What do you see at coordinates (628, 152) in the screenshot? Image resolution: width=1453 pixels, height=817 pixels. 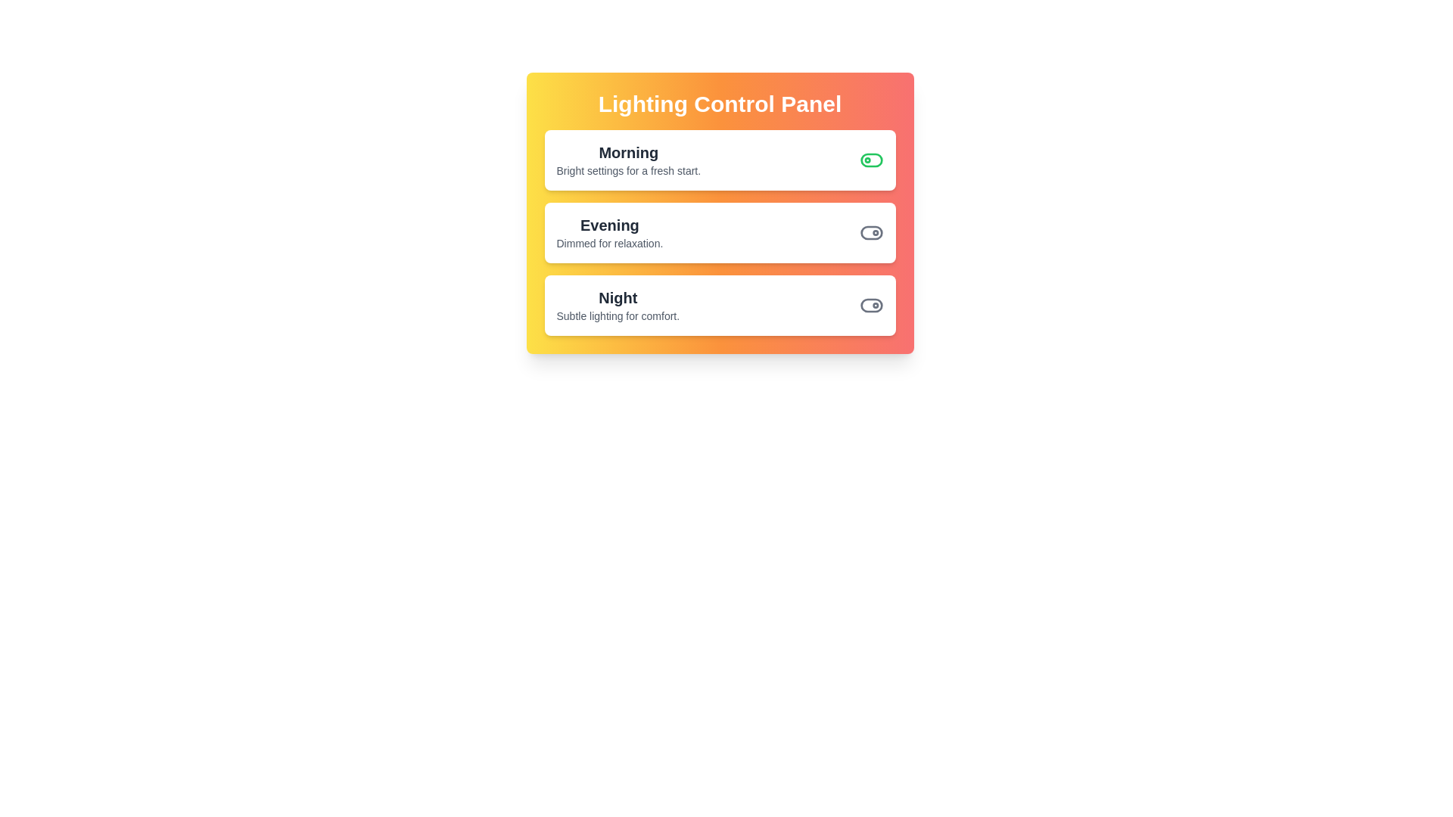 I see `the Morning scene's name or description` at bounding box center [628, 152].